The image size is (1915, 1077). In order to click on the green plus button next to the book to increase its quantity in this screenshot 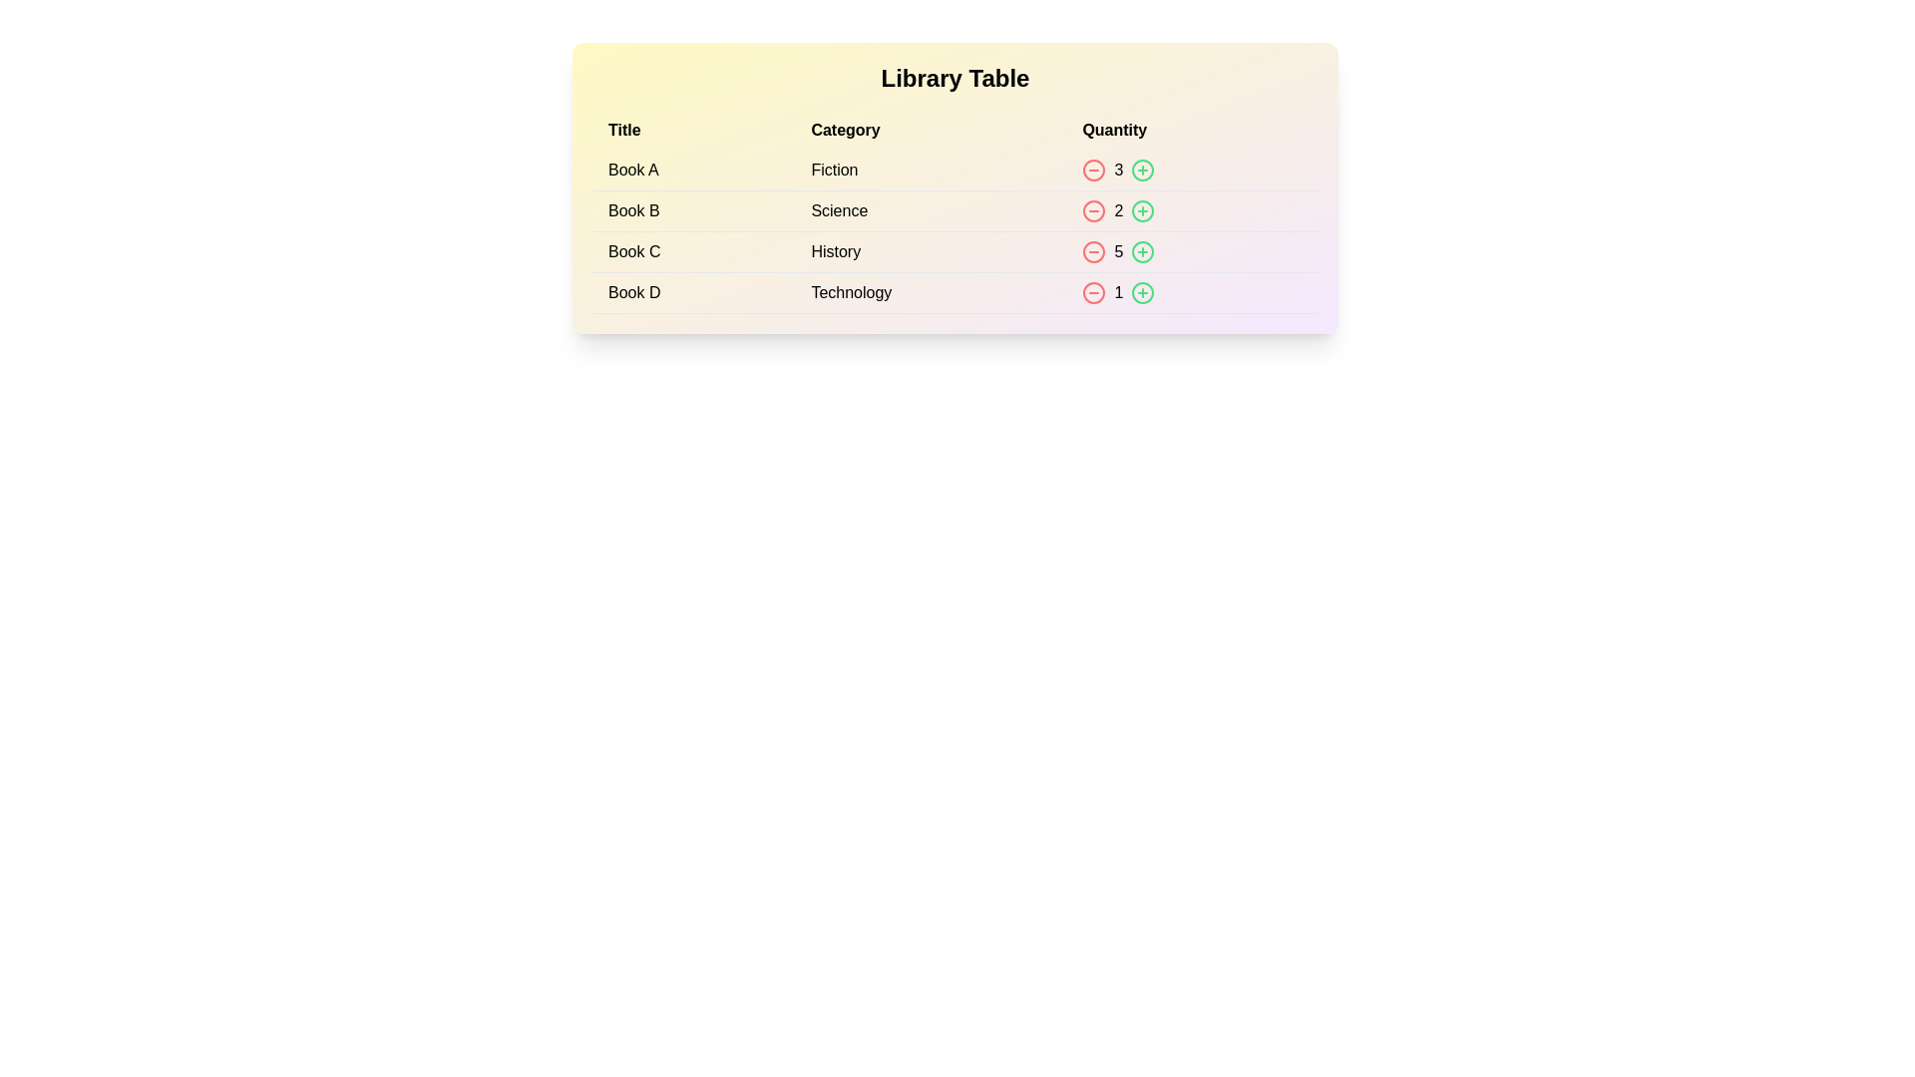, I will do `click(1143, 169)`.